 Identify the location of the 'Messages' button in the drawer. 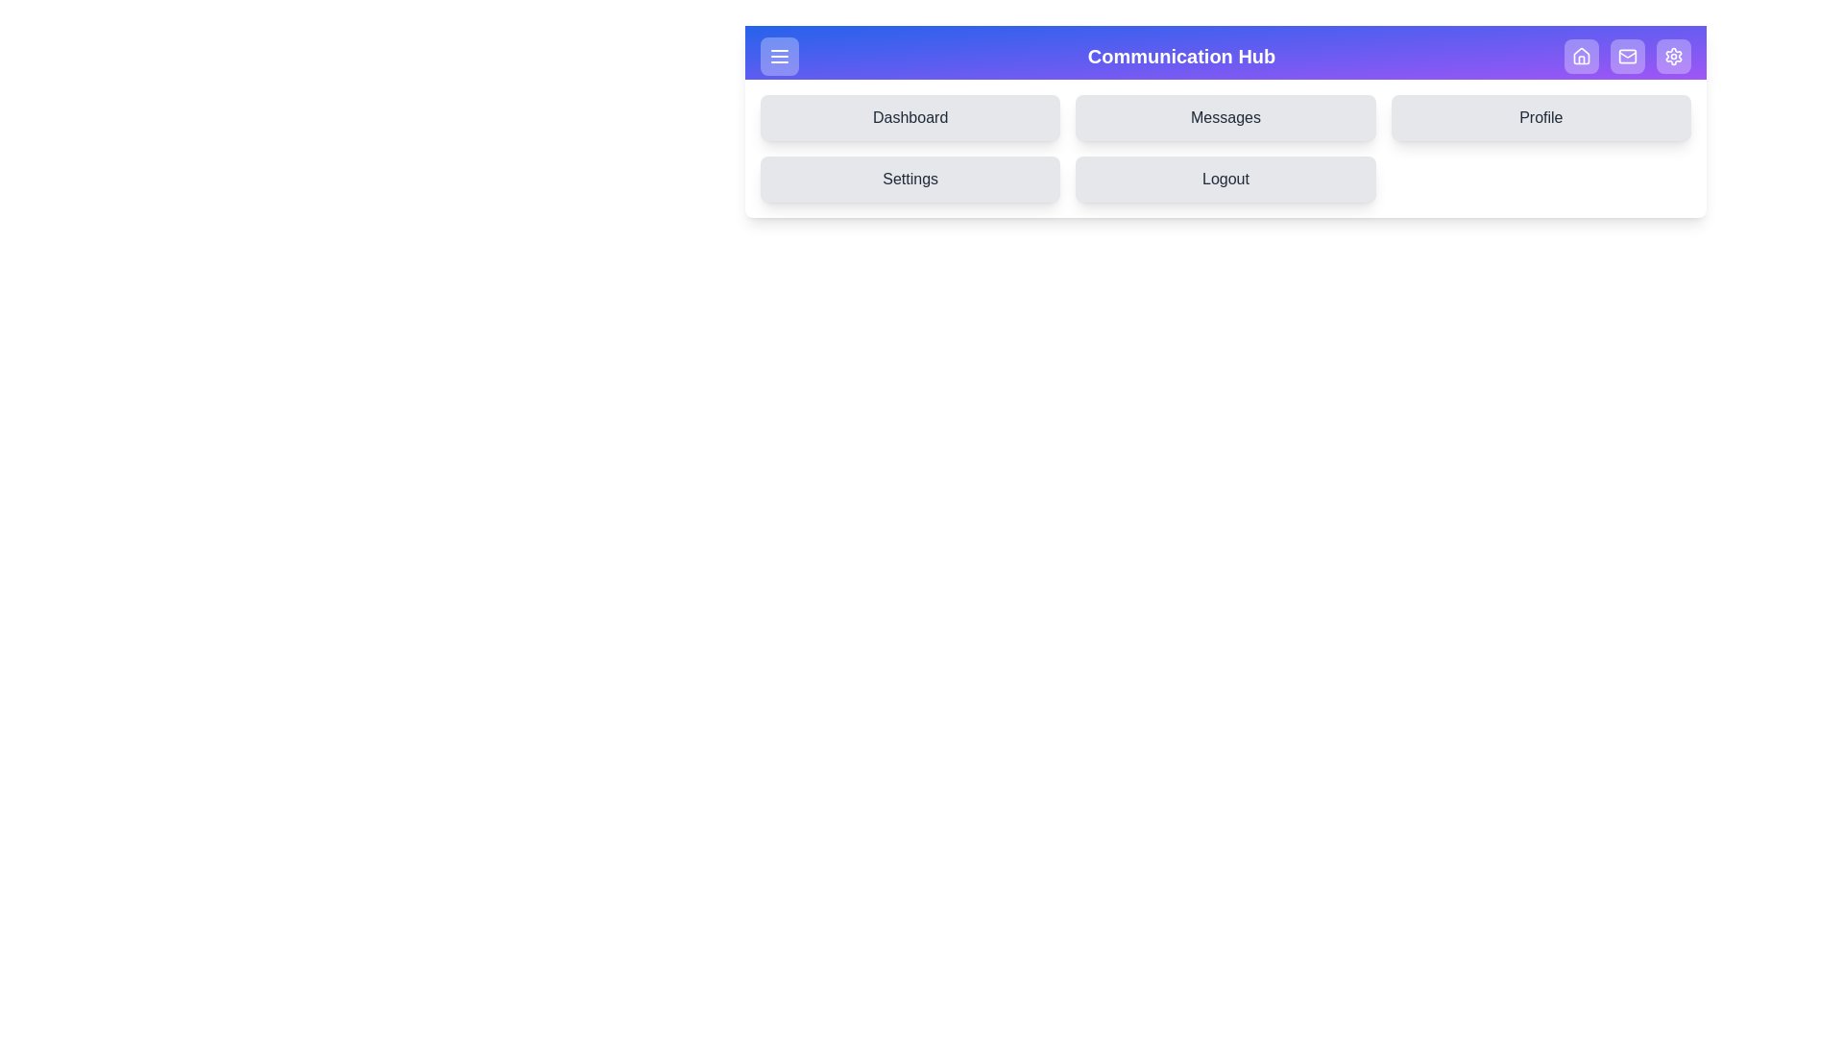
(1225, 118).